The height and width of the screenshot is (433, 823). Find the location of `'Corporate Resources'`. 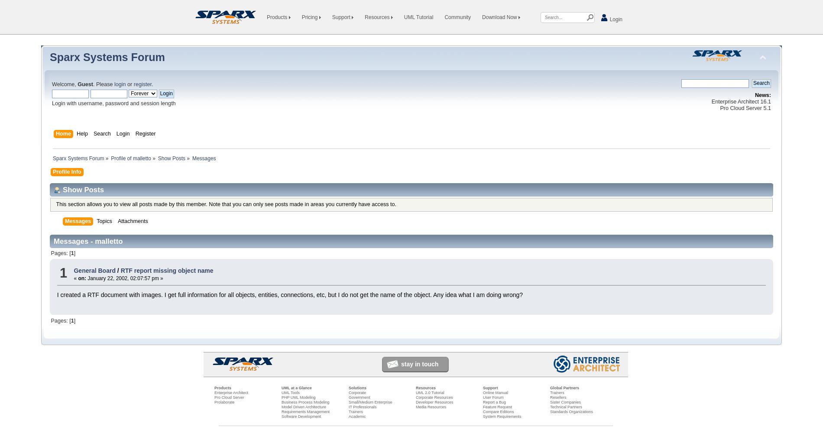

'Corporate Resources' is located at coordinates (434, 397).